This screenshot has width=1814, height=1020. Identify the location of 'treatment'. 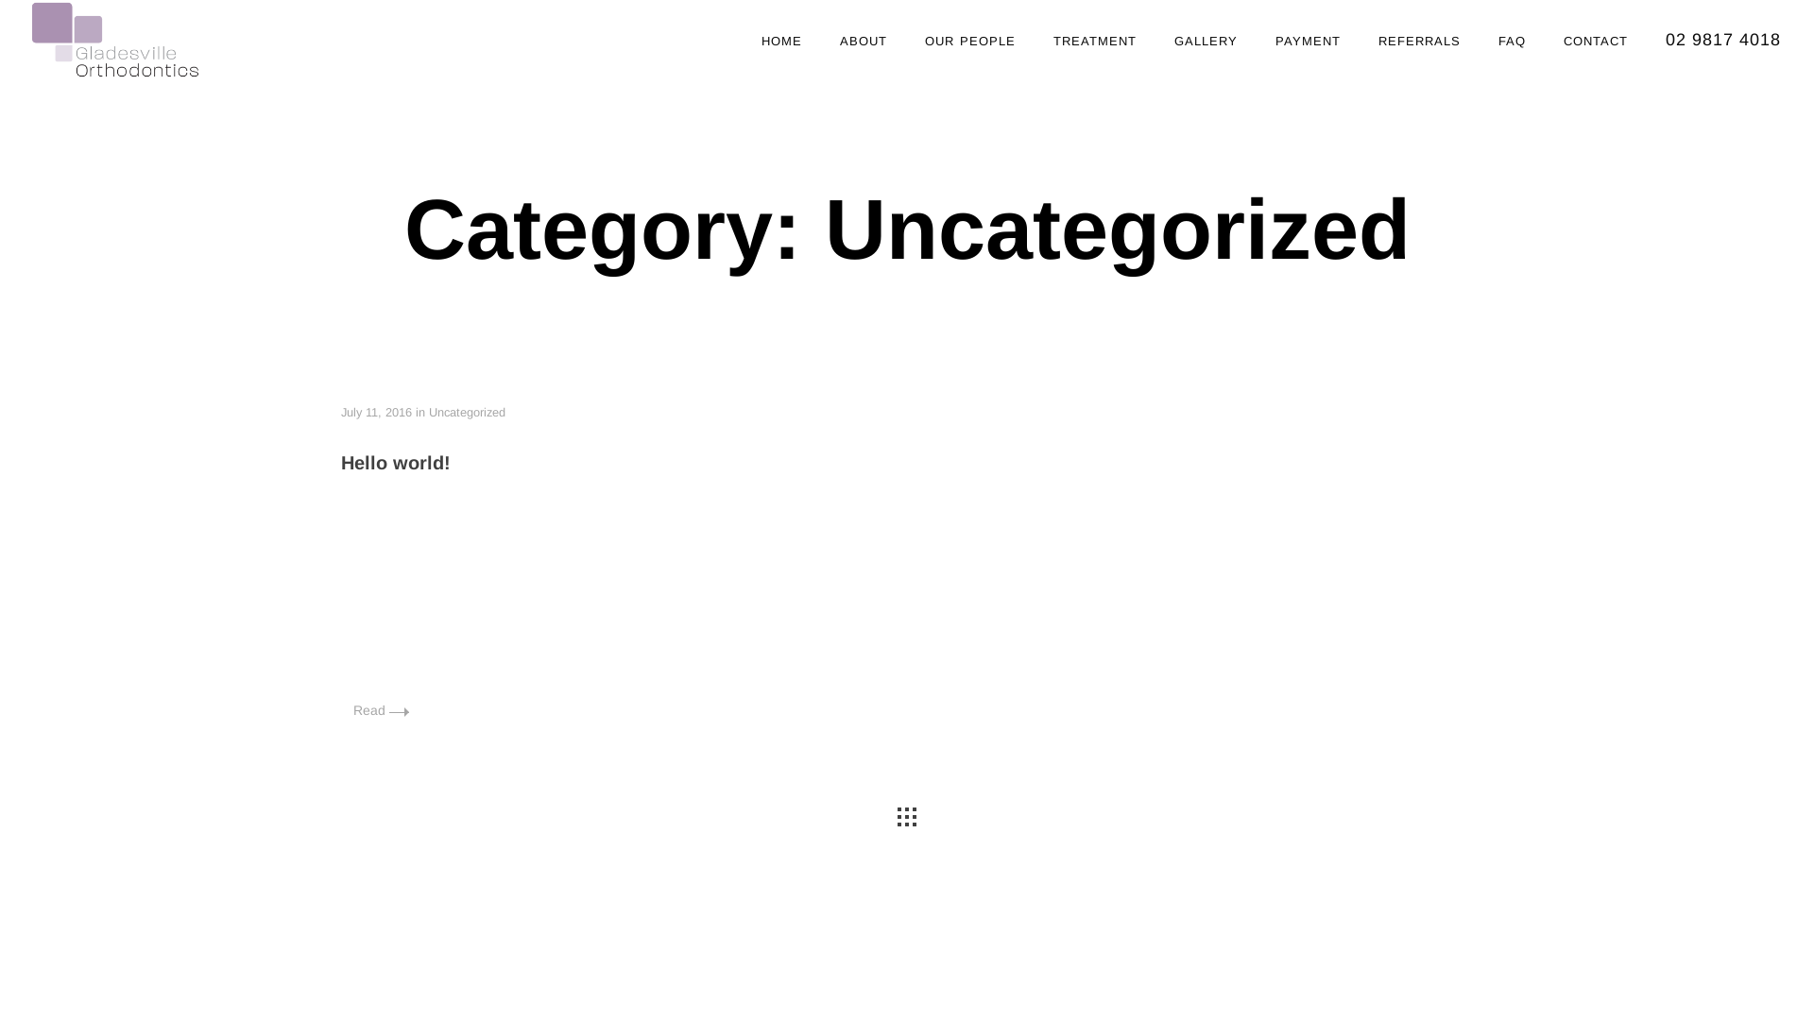
(1094, 40).